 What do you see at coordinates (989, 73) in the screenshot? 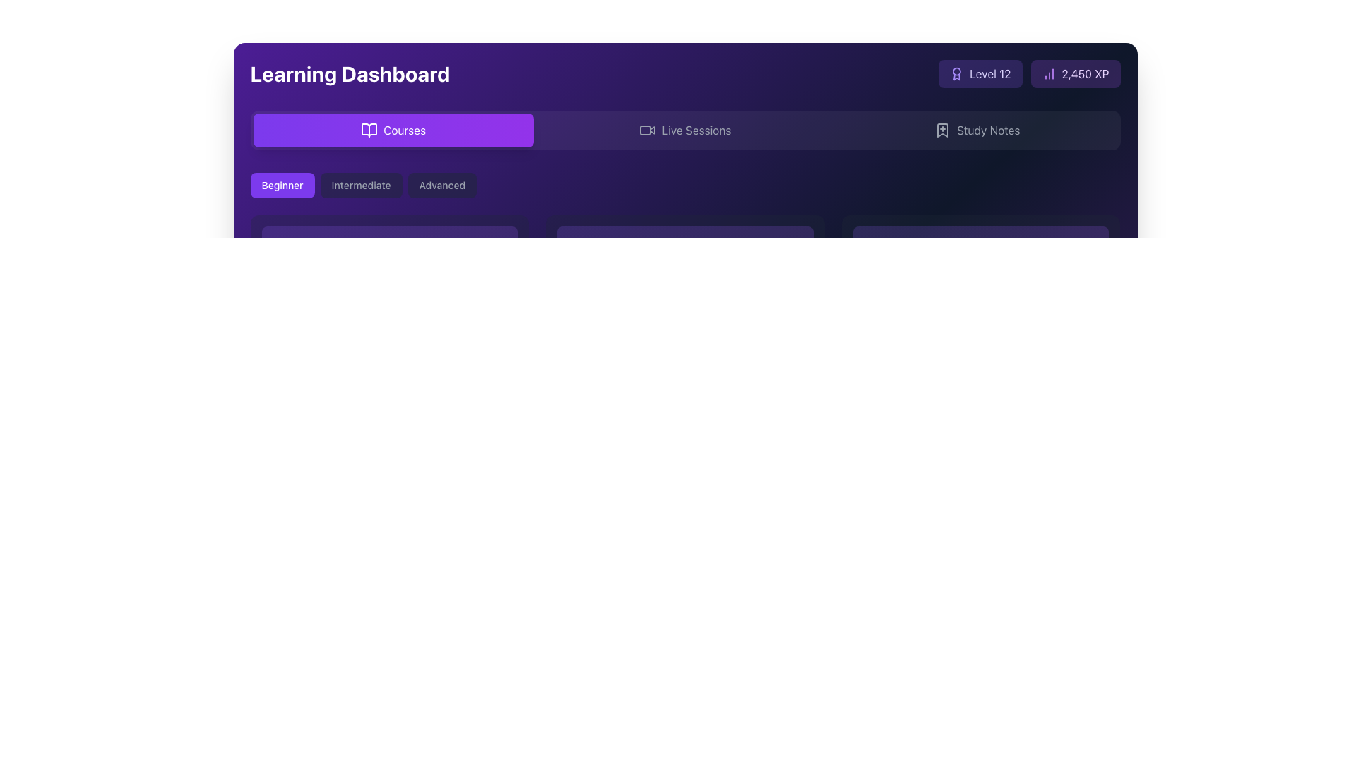
I see `the static text display element showing 'Level 12' in light violet color, located in the top-right section of the interface` at bounding box center [989, 73].